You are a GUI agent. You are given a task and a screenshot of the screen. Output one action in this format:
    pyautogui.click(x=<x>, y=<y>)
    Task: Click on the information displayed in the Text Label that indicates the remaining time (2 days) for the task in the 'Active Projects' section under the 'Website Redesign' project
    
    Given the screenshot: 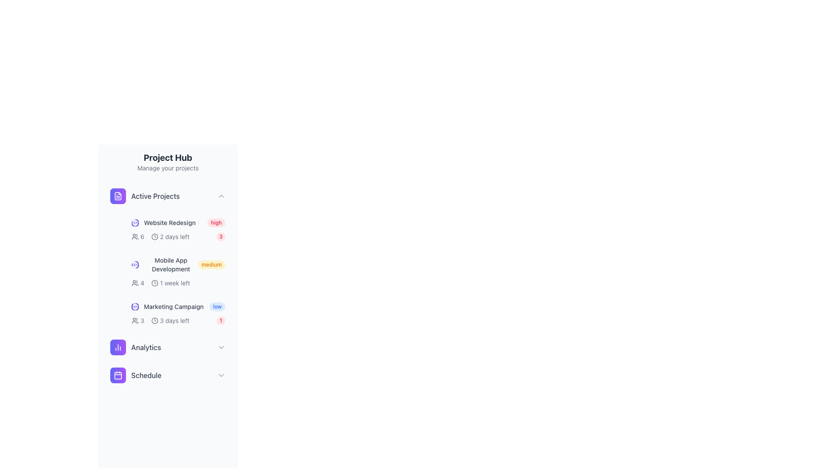 What is the action you would take?
    pyautogui.click(x=175, y=237)
    